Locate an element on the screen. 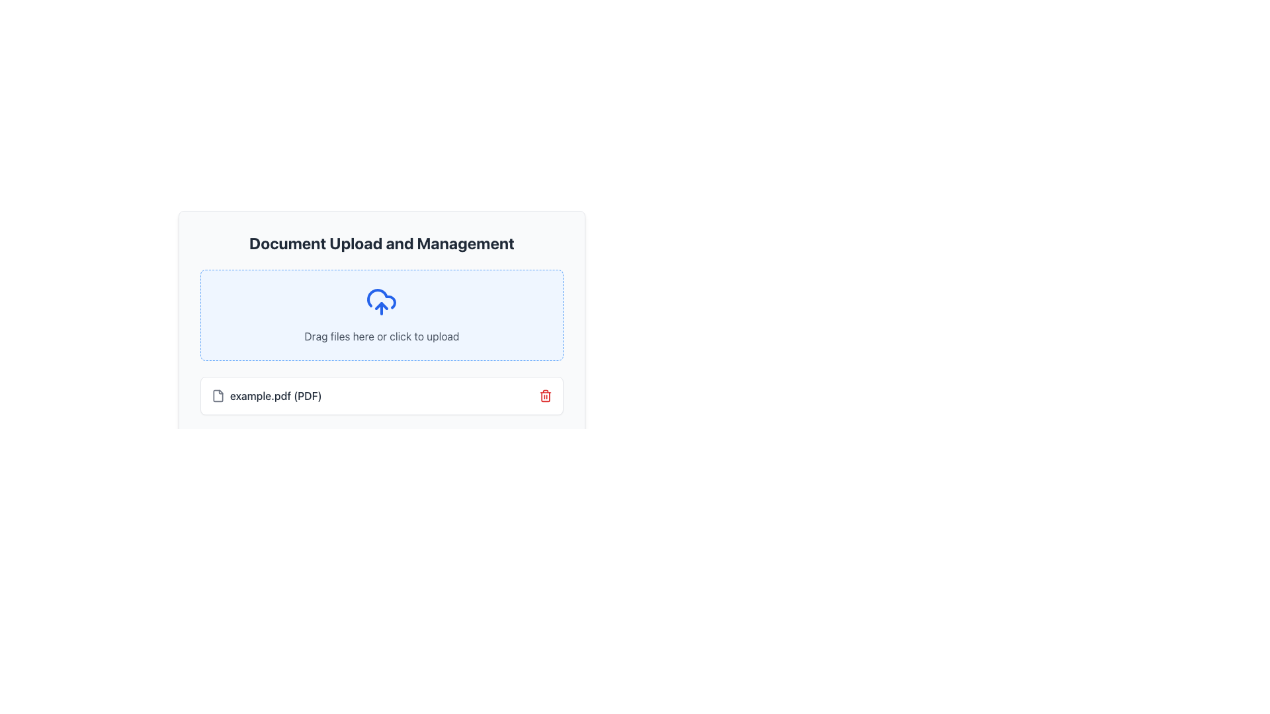  the file icon representing 'example.pdf (PDF)' in the document listing area to visually indicate its association with the displayed file is located at coordinates (218, 395).